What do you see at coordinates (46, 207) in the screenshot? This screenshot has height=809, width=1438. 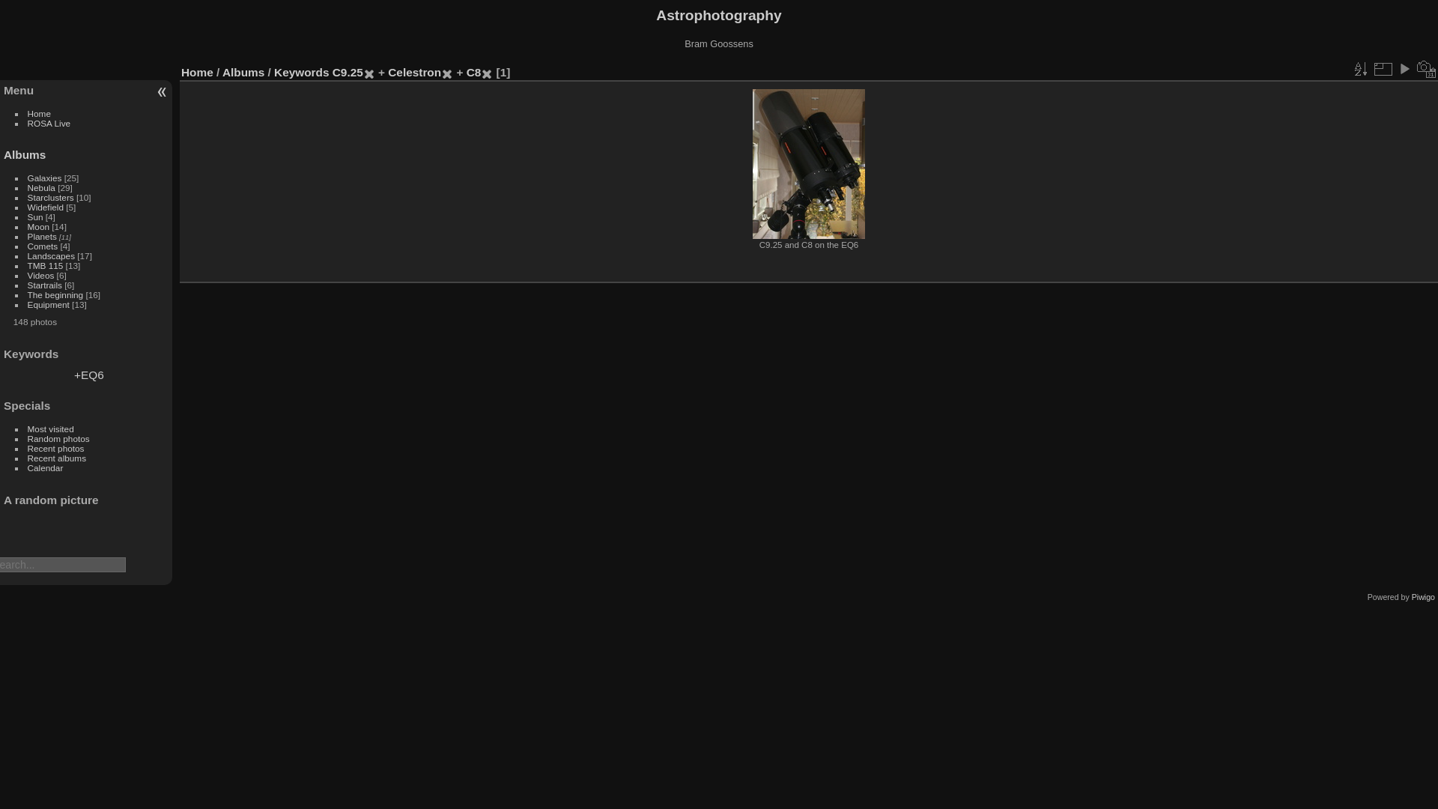 I see `'Widefield'` at bounding box center [46, 207].